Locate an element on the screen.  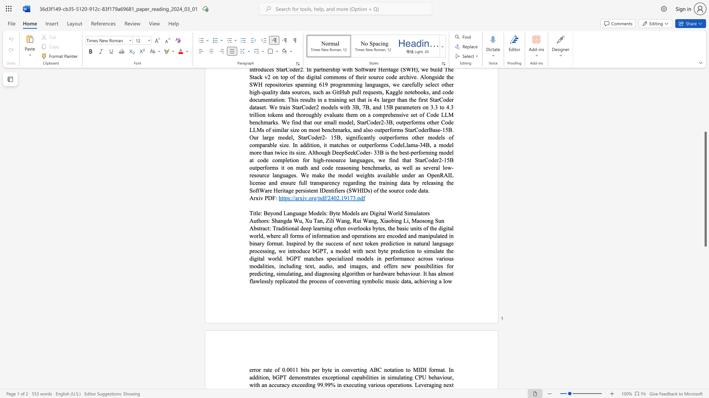
the subset text ", achieving a" within the text "replicated the process of converting symbolic music data, achieving a low" is located at coordinates (411, 281).